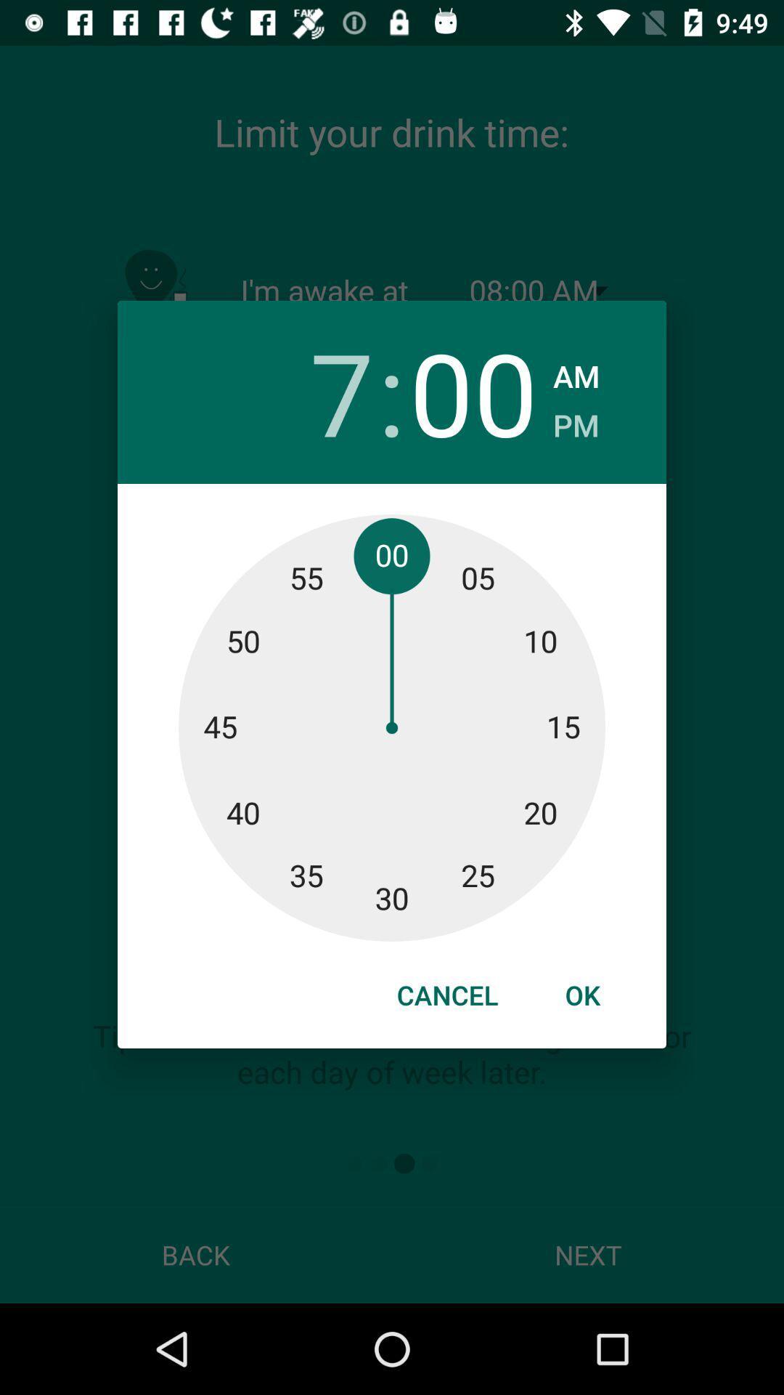 The image size is (784, 1395). What do you see at coordinates (446, 994) in the screenshot?
I see `the item to the left of the ok icon` at bounding box center [446, 994].